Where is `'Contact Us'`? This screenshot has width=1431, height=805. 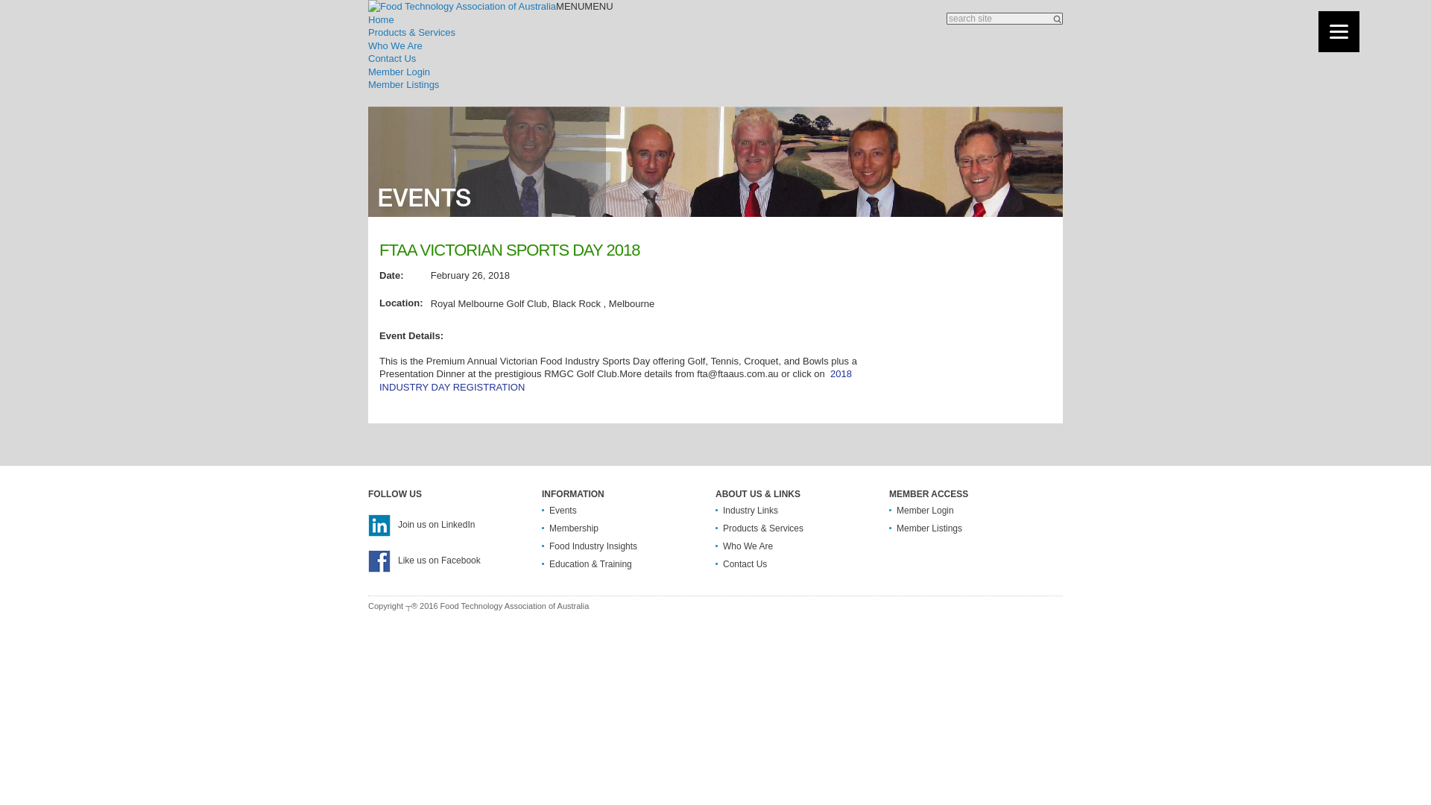
'Contact Us' is located at coordinates (745, 563).